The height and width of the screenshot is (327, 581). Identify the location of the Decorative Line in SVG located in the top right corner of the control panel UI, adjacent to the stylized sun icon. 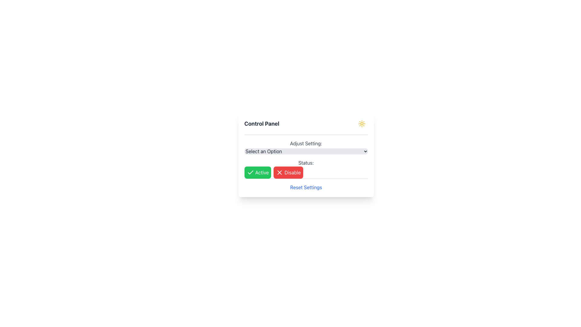
(279, 173).